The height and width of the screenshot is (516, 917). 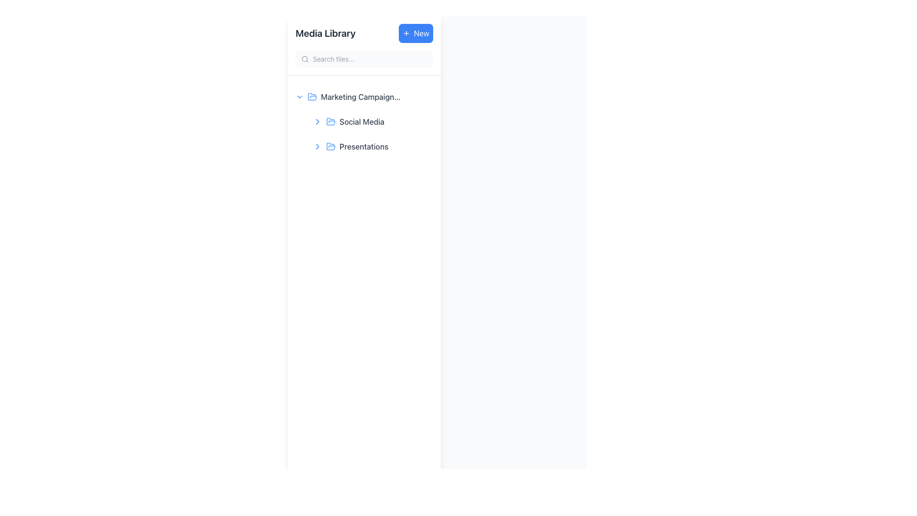 What do you see at coordinates (304, 59) in the screenshot?
I see `the search icon located within the search bar at the top-left area of the interface, which visually represents the search functionality` at bounding box center [304, 59].